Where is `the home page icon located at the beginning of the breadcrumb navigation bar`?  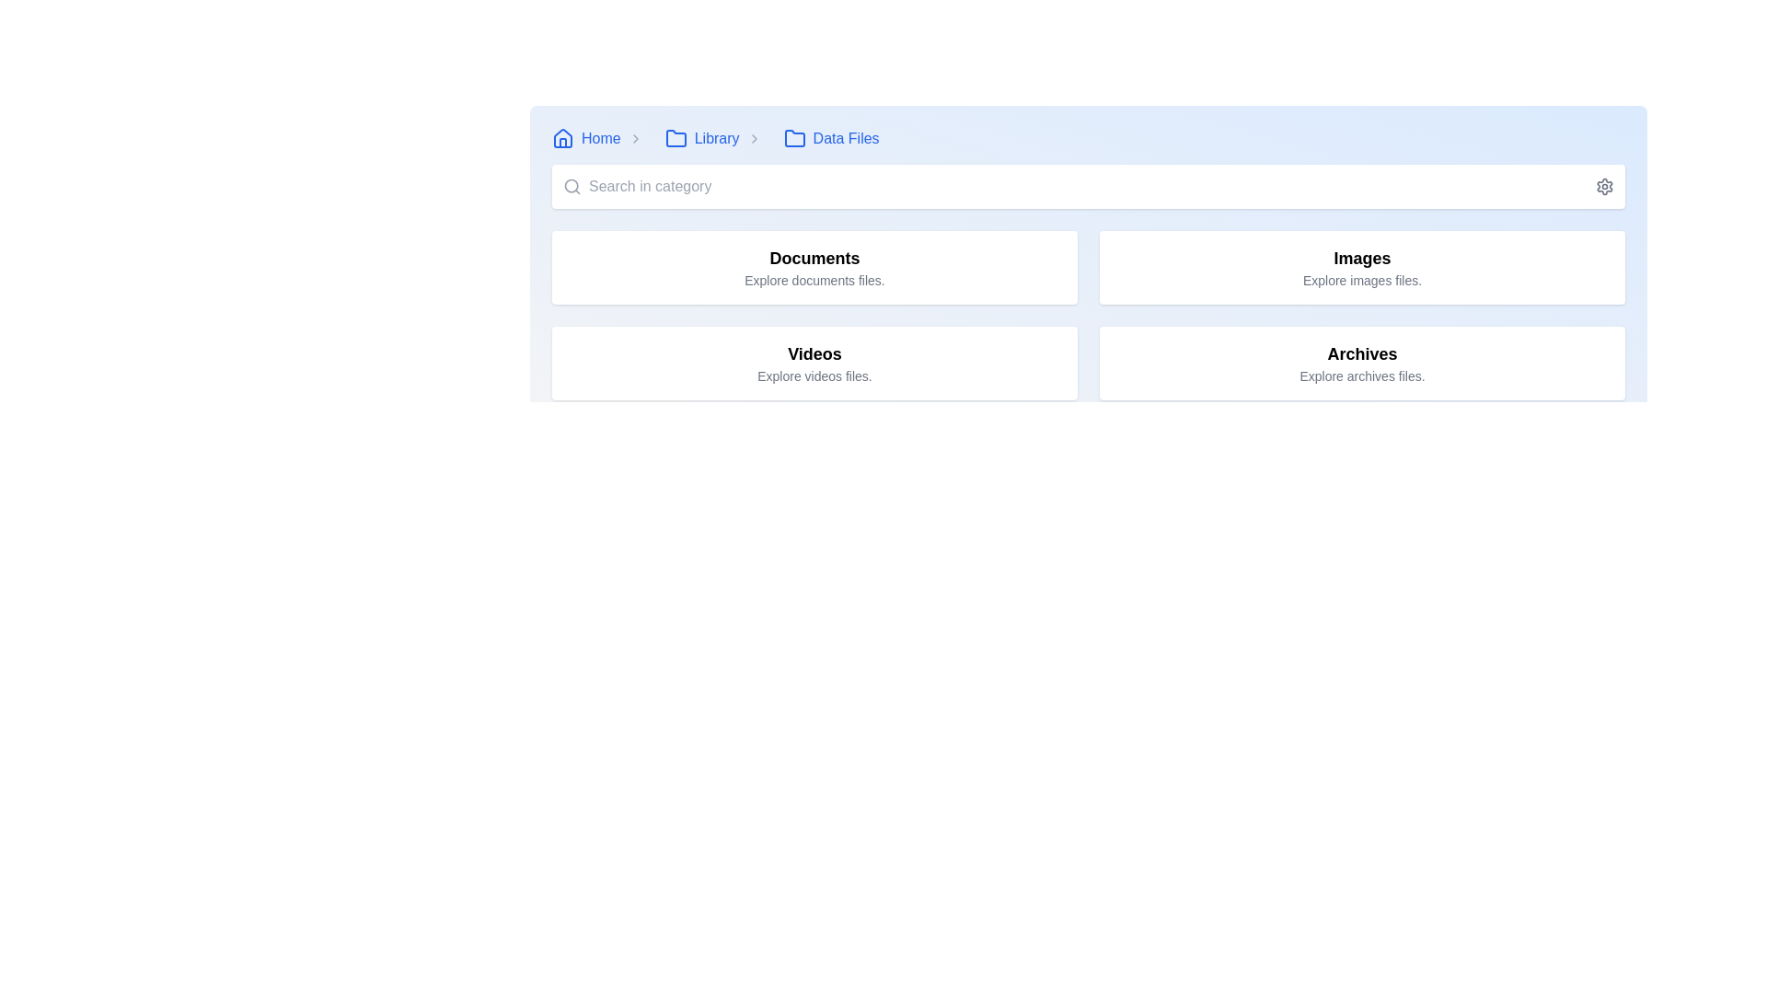
the home page icon located at the beginning of the breadcrumb navigation bar is located at coordinates (561, 137).